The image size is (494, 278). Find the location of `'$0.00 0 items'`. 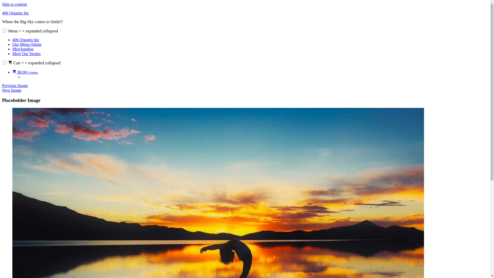

'$0.00 0 items' is located at coordinates (25, 72).